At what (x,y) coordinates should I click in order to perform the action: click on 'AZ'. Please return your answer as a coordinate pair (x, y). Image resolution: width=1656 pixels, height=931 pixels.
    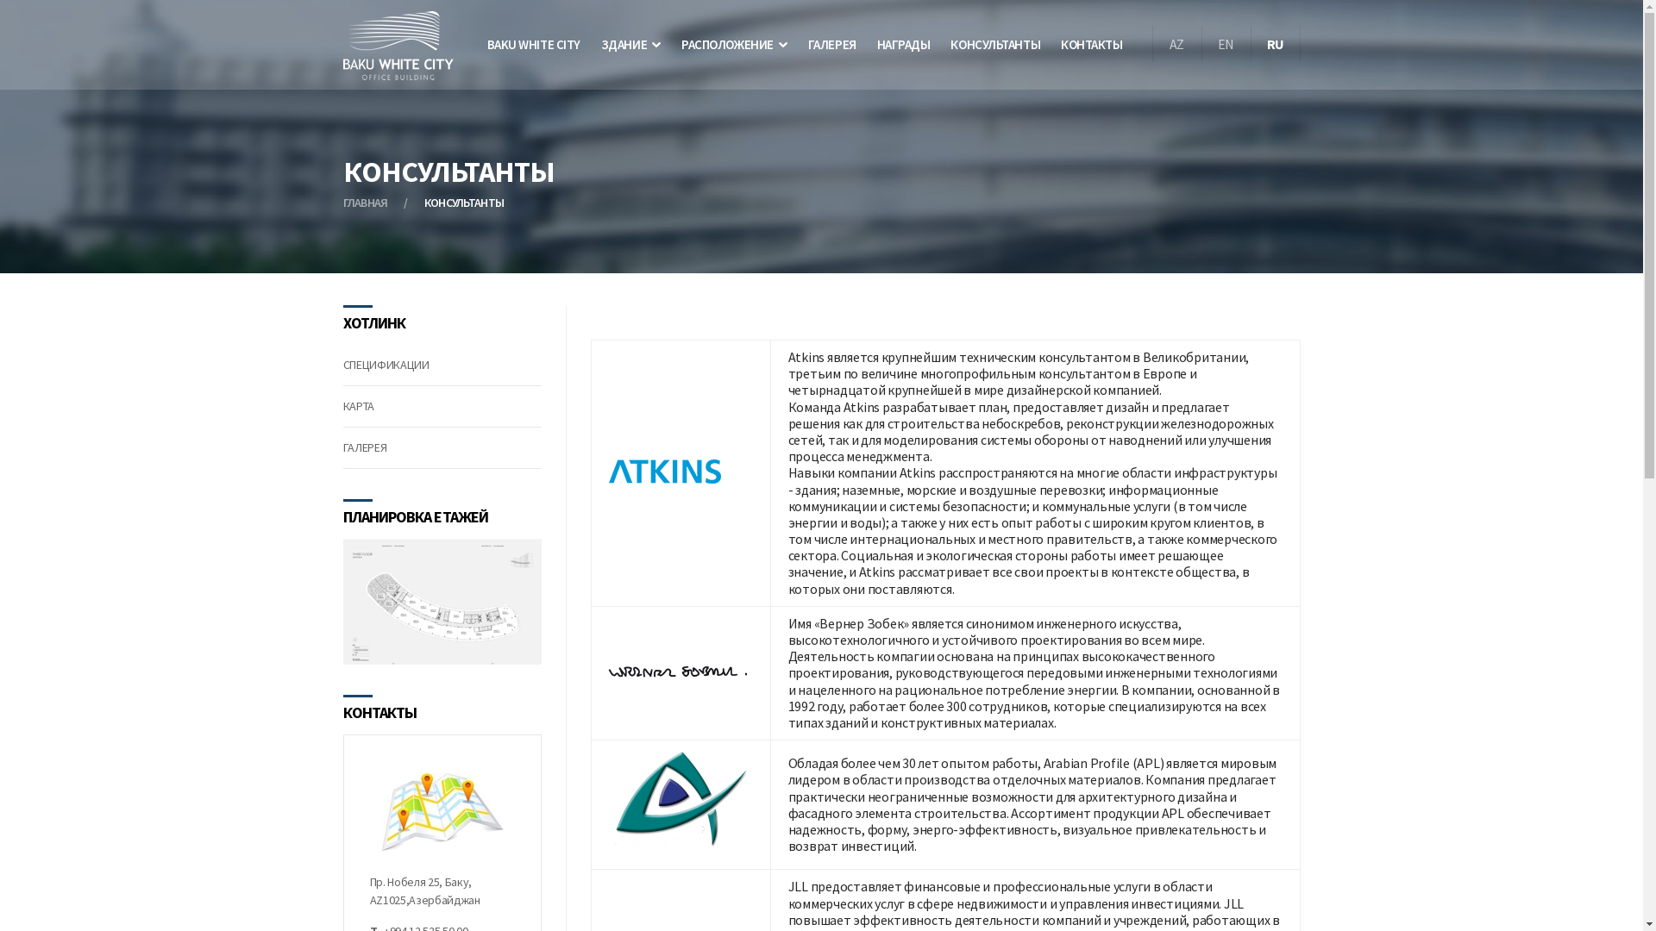
    Looking at the image, I should click on (1151, 42).